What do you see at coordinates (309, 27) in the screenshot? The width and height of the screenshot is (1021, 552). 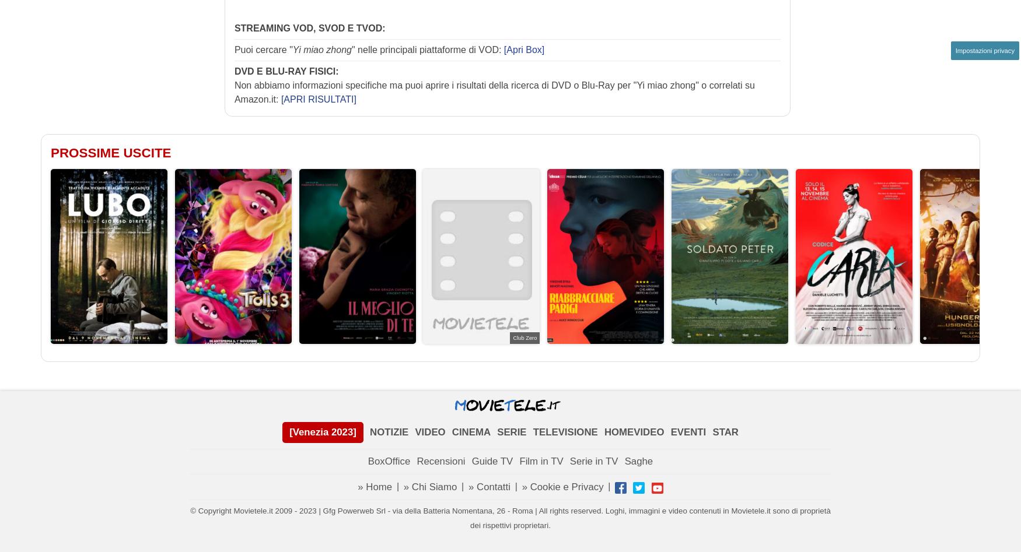 I see `'STREAMING VOD, SVOD E TVOD:'` at bounding box center [309, 27].